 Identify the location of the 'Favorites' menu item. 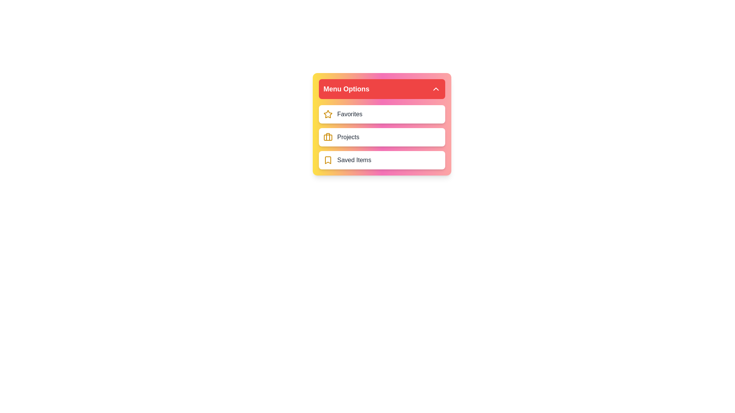
(382, 114).